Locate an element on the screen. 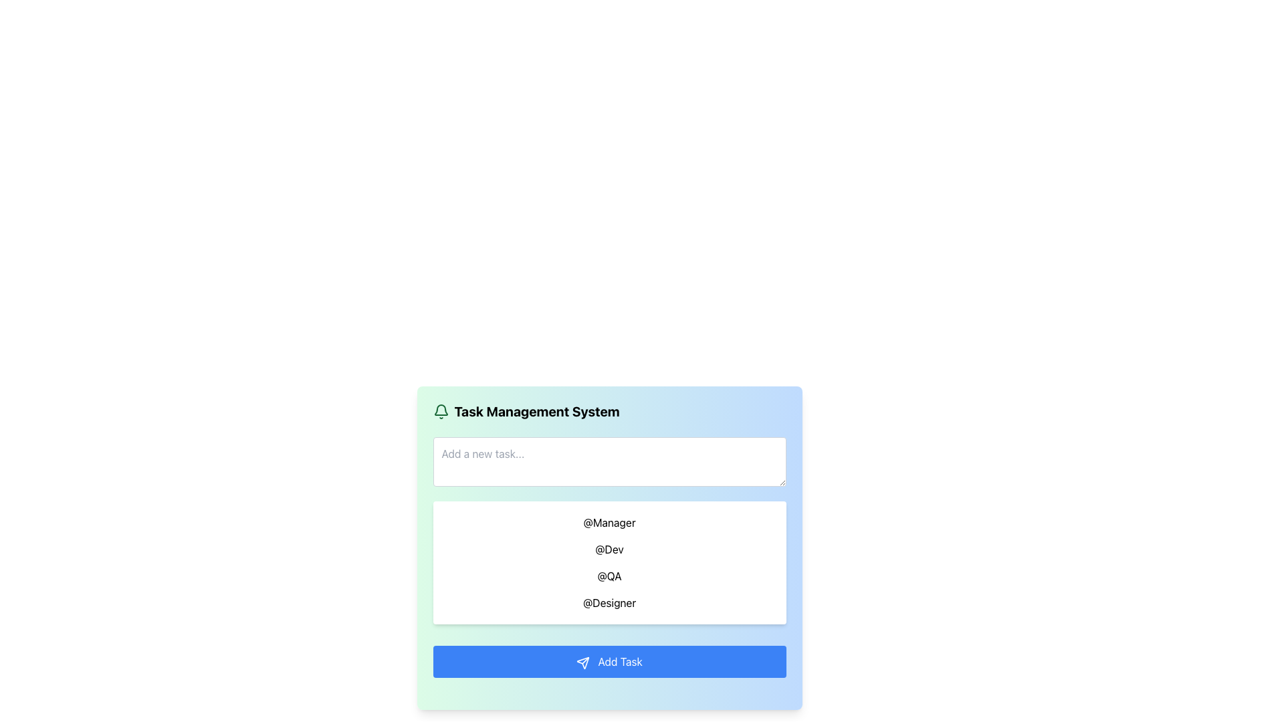 The height and width of the screenshot is (722, 1284). the selectable list item labeled '@Dev' which is the second item in a list of four text items is located at coordinates (609, 546).